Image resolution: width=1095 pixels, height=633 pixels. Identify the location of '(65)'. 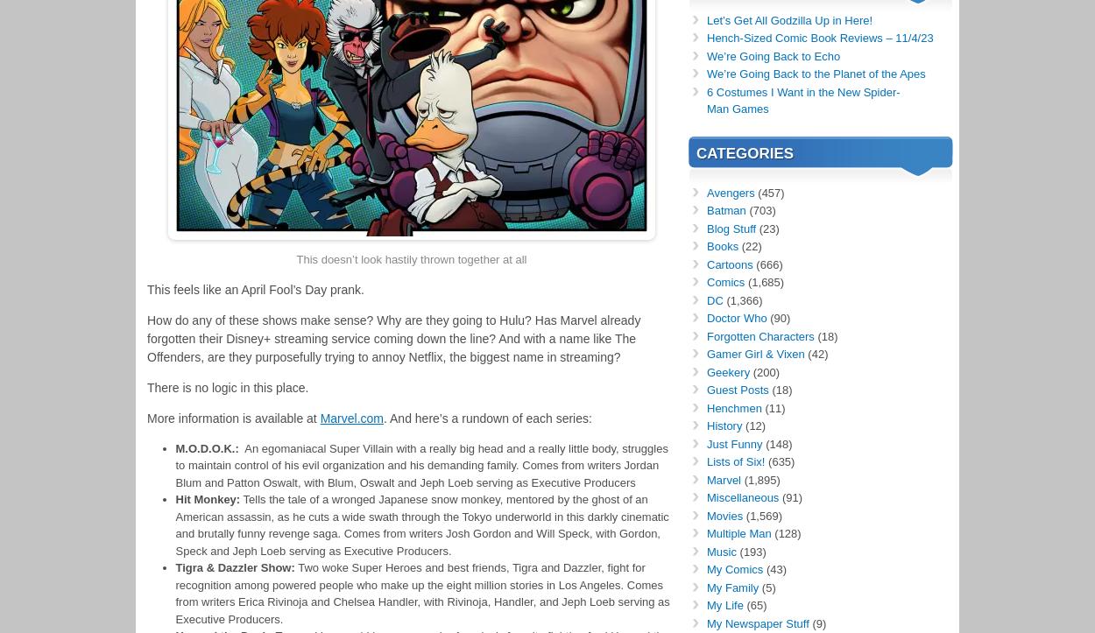
(742, 604).